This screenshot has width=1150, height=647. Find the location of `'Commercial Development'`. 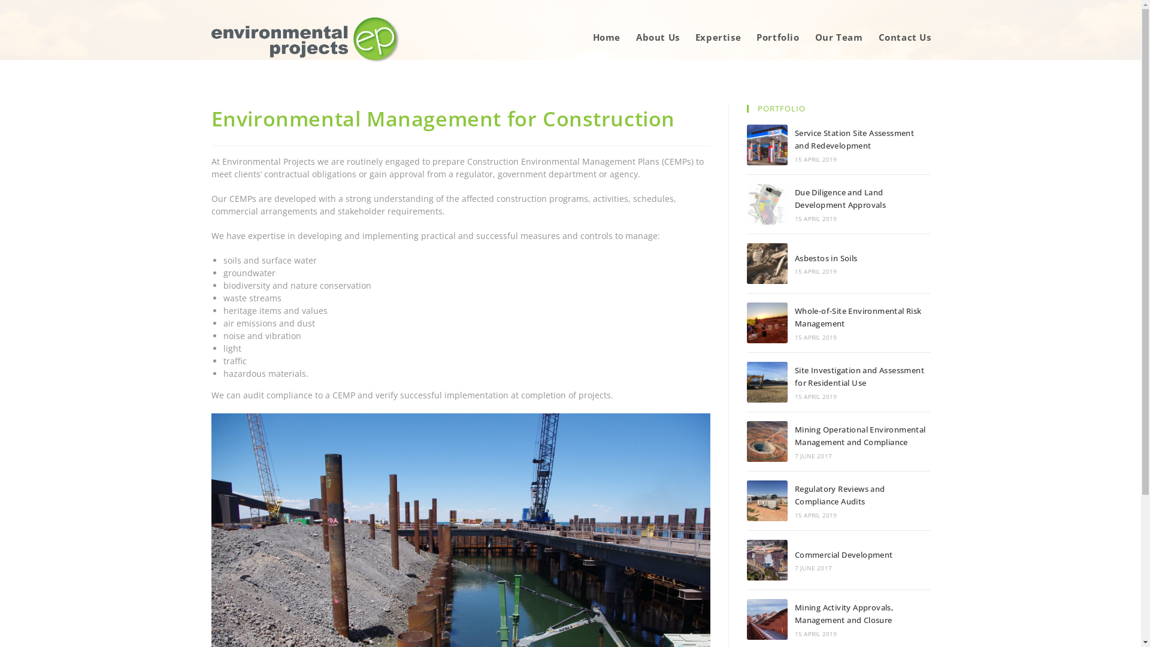

'Commercial Development' is located at coordinates (767, 560).